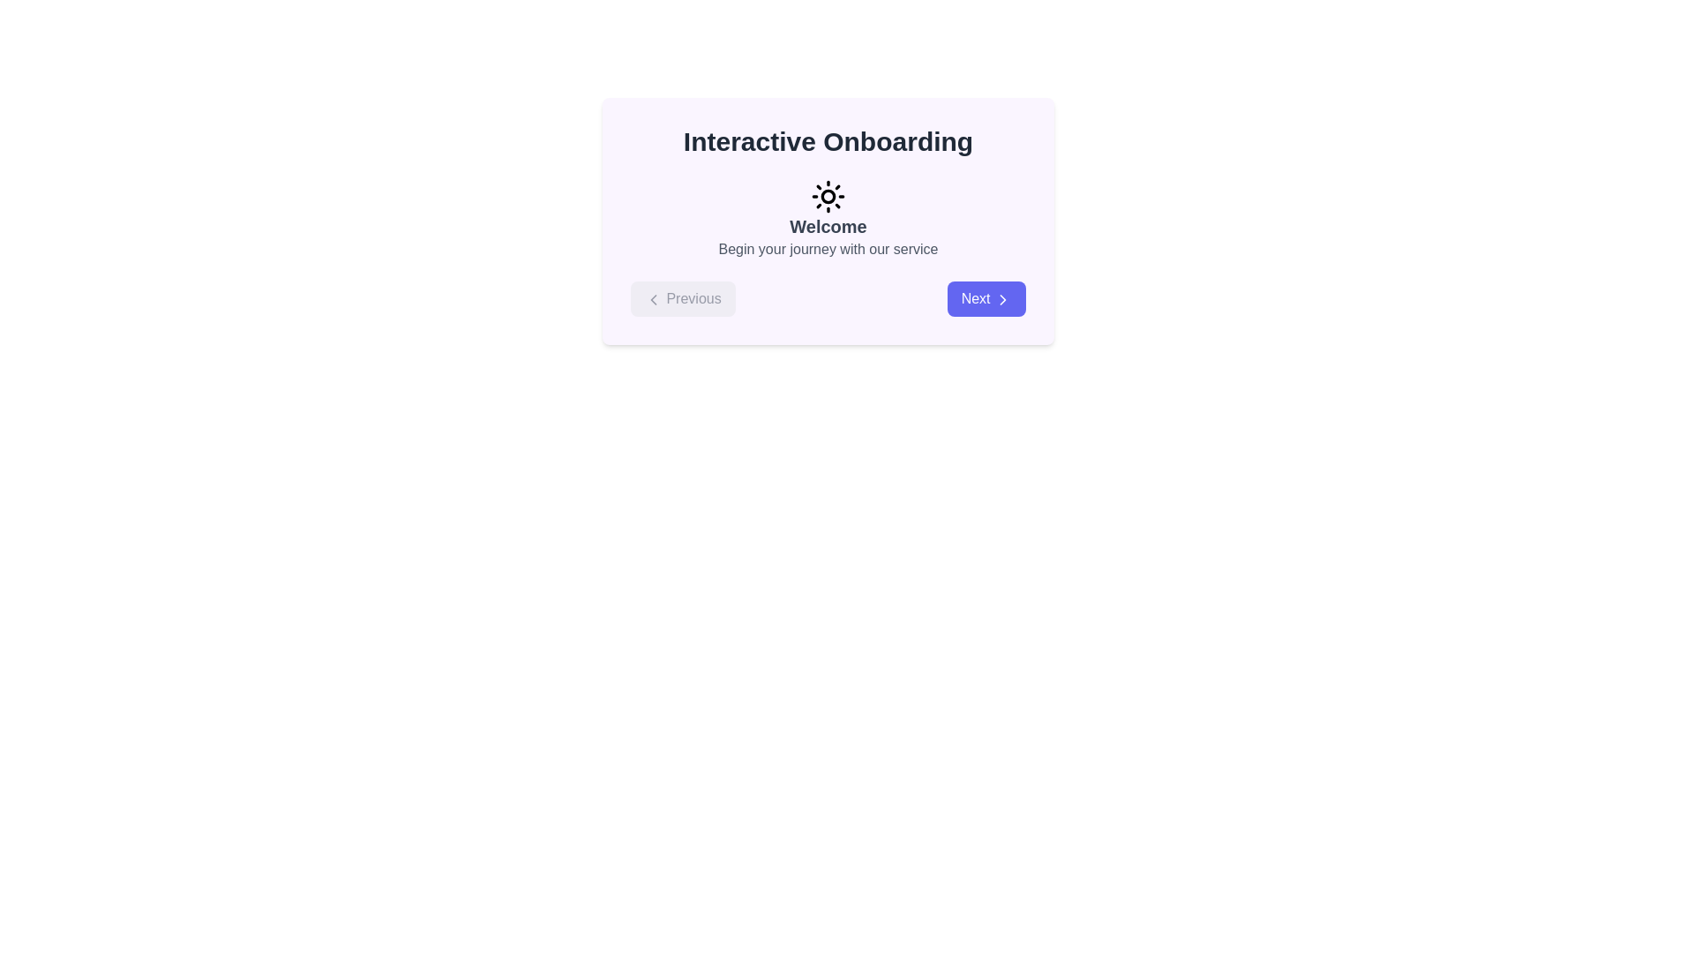  I want to click on the right-facing chevron icon located inside the blue 'Next' button for keyboard navigation, so click(1003, 298).